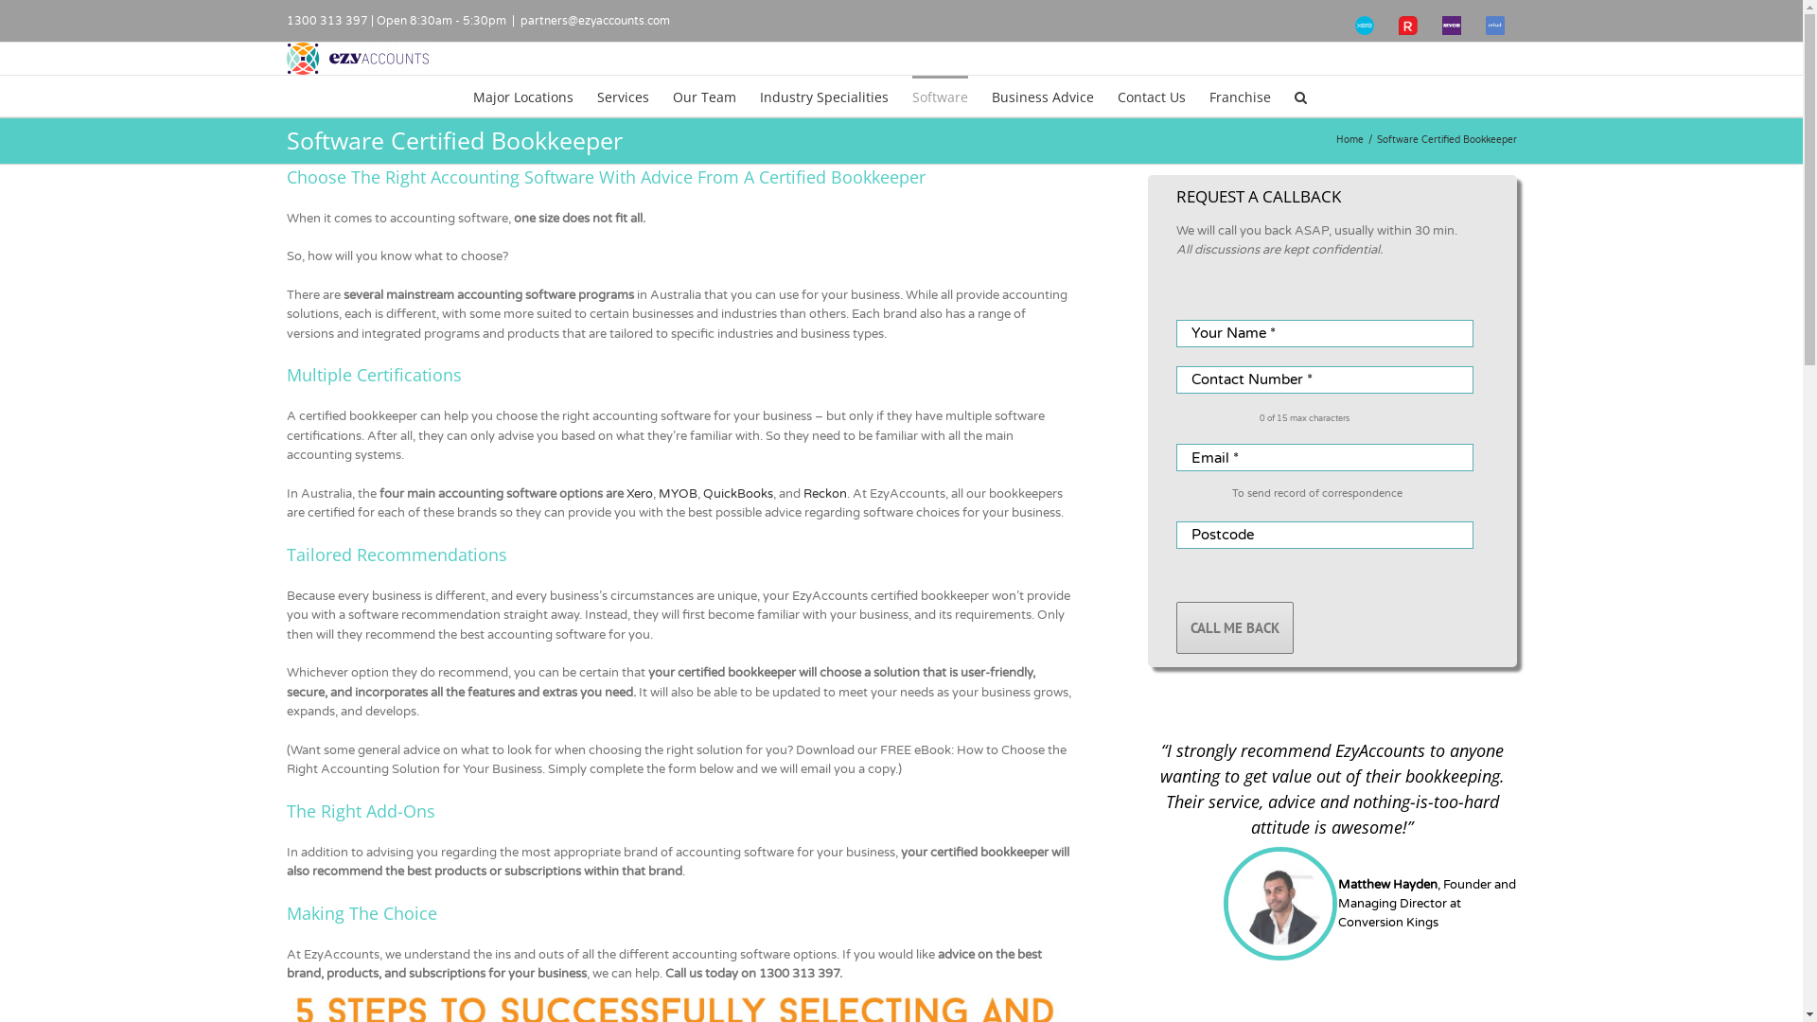  Describe the element at coordinates (622, 96) in the screenshot. I see `'Services'` at that location.